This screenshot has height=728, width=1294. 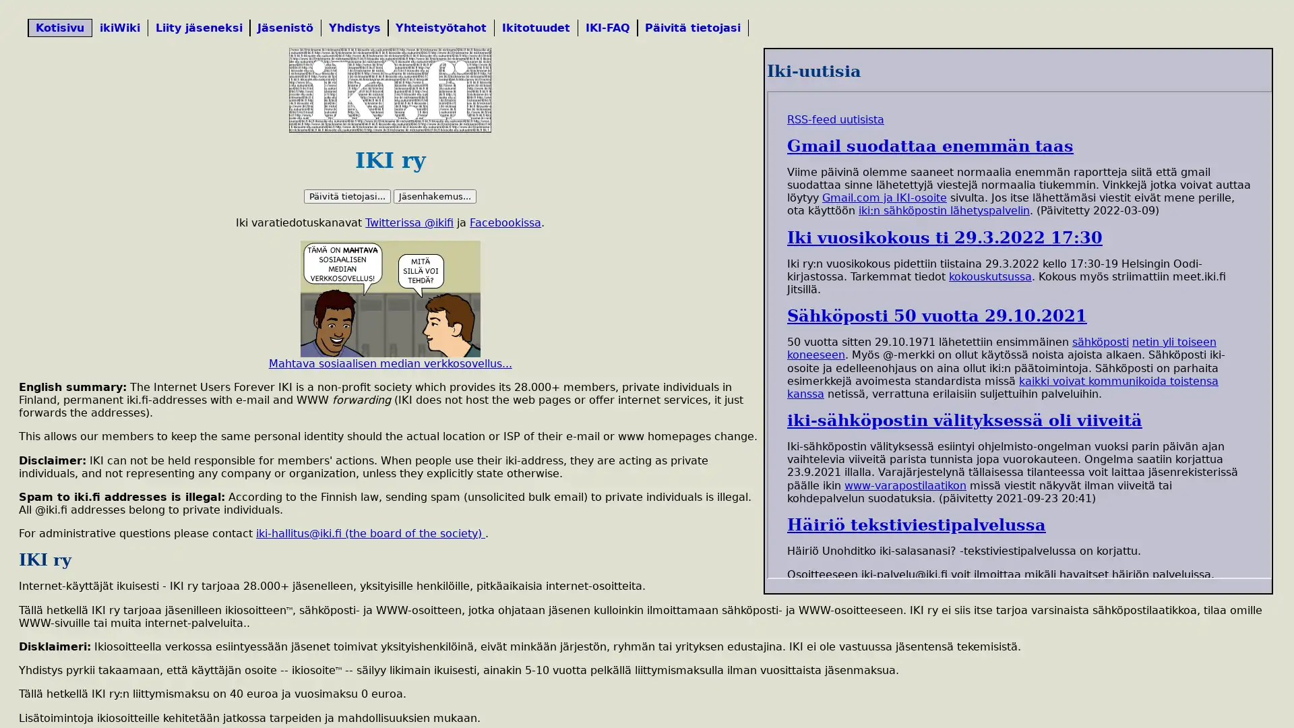 What do you see at coordinates (347, 196) in the screenshot?
I see `Paivita tietojasi...` at bounding box center [347, 196].